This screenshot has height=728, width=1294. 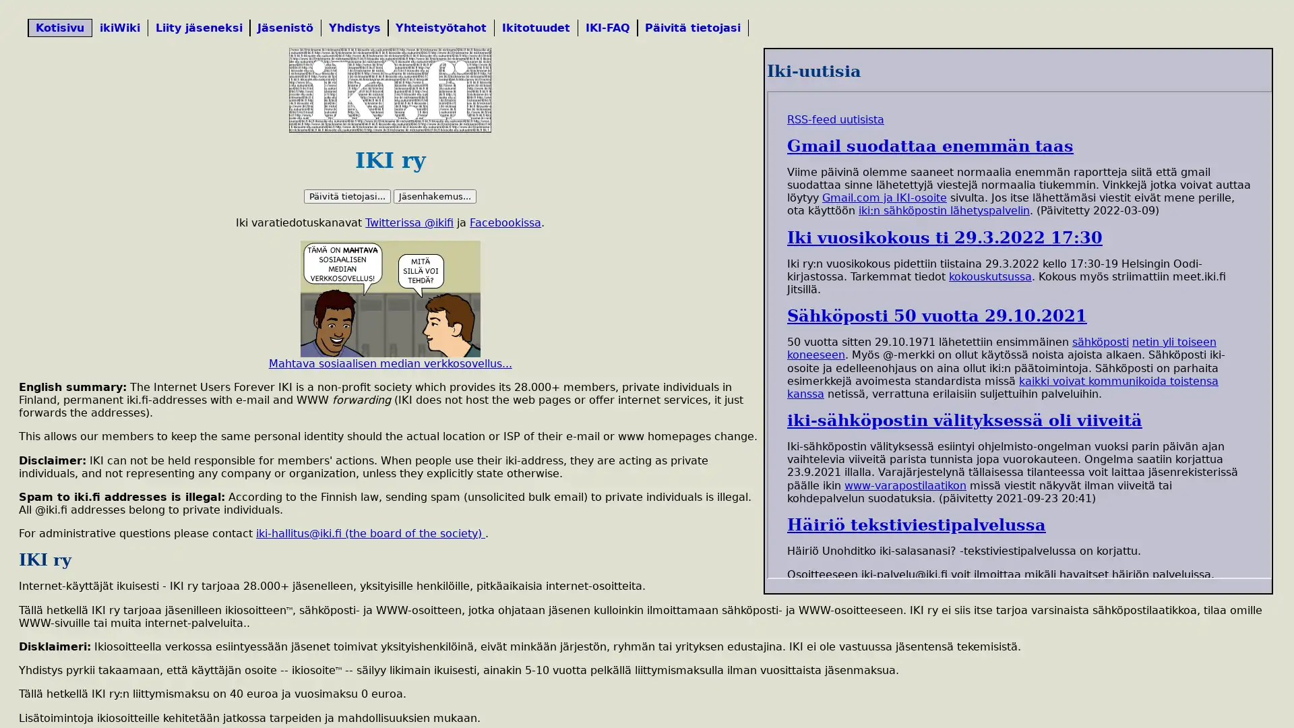 What do you see at coordinates (347, 196) in the screenshot?
I see `Paivita tietojasi...` at bounding box center [347, 196].